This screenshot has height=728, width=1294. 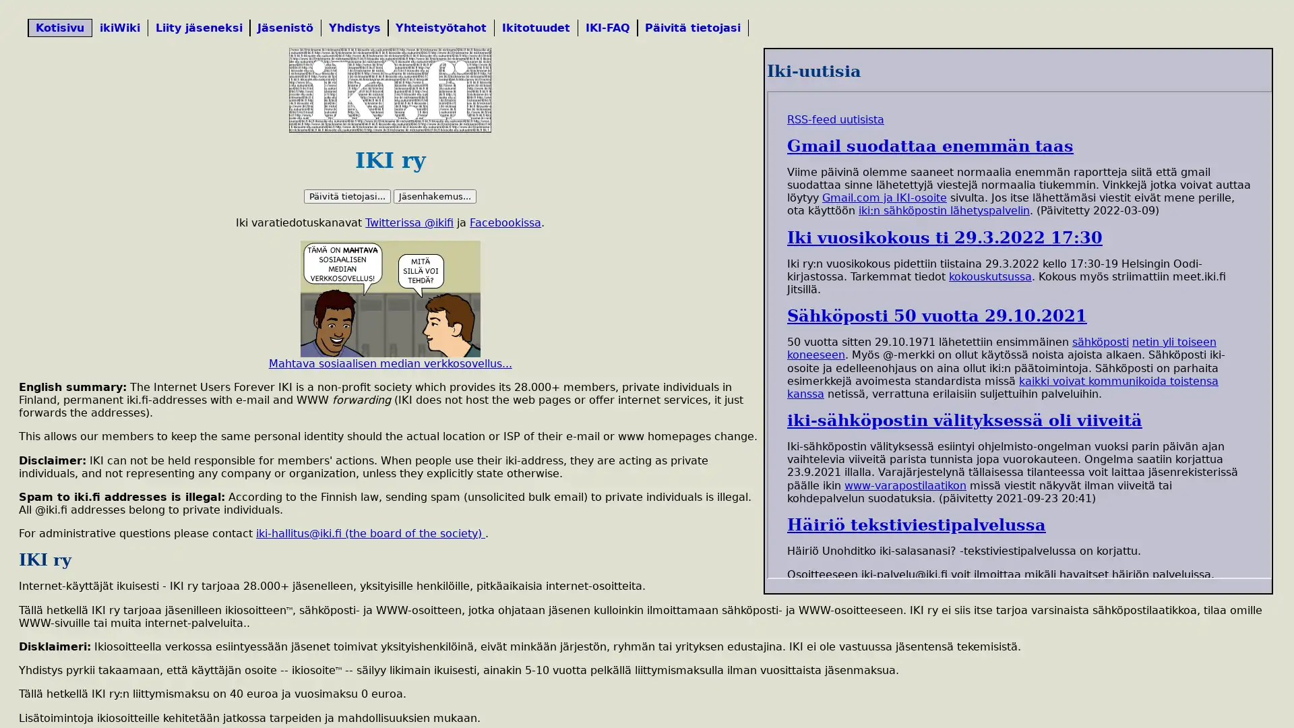 What do you see at coordinates (347, 196) in the screenshot?
I see `Paivita tietojasi...` at bounding box center [347, 196].